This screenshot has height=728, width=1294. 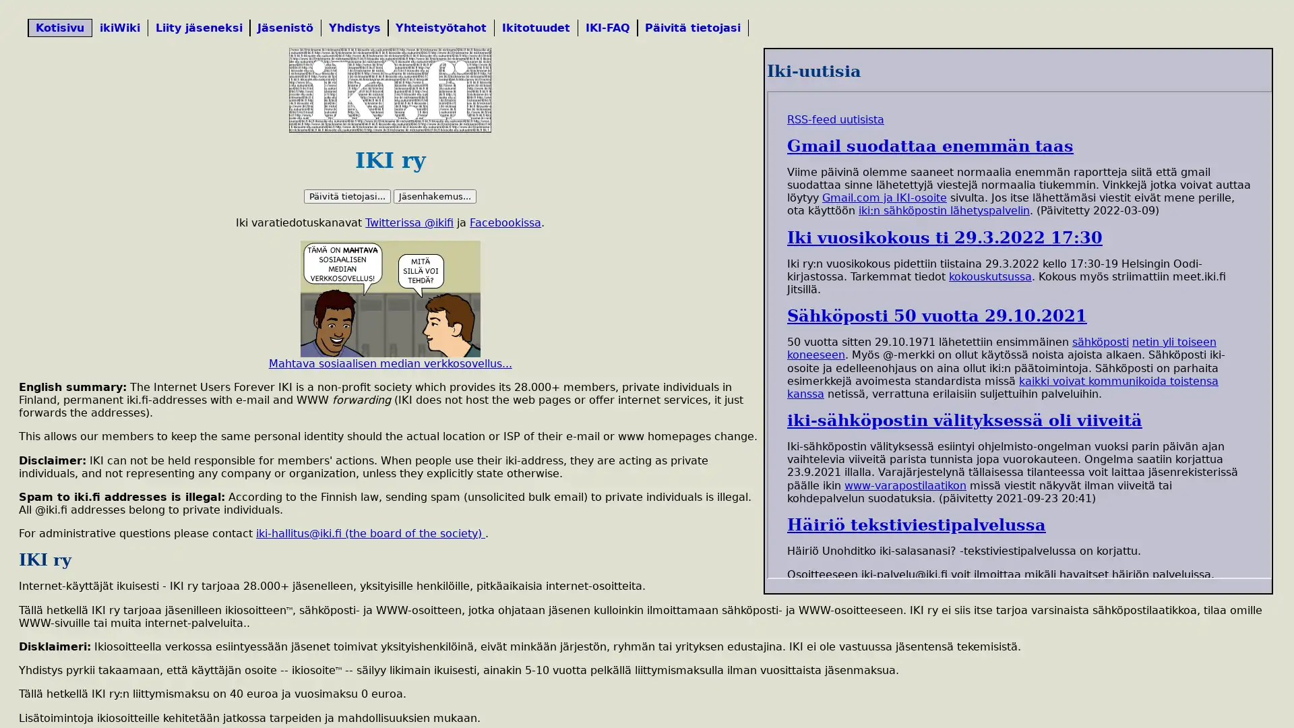 What do you see at coordinates (347, 196) in the screenshot?
I see `Paivita tietojasi...` at bounding box center [347, 196].